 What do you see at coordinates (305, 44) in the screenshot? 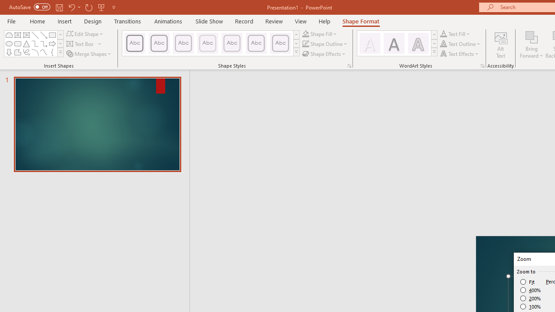
I see `'Shape Outline Blue, Accent 1'` at bounding box center [305, 44].